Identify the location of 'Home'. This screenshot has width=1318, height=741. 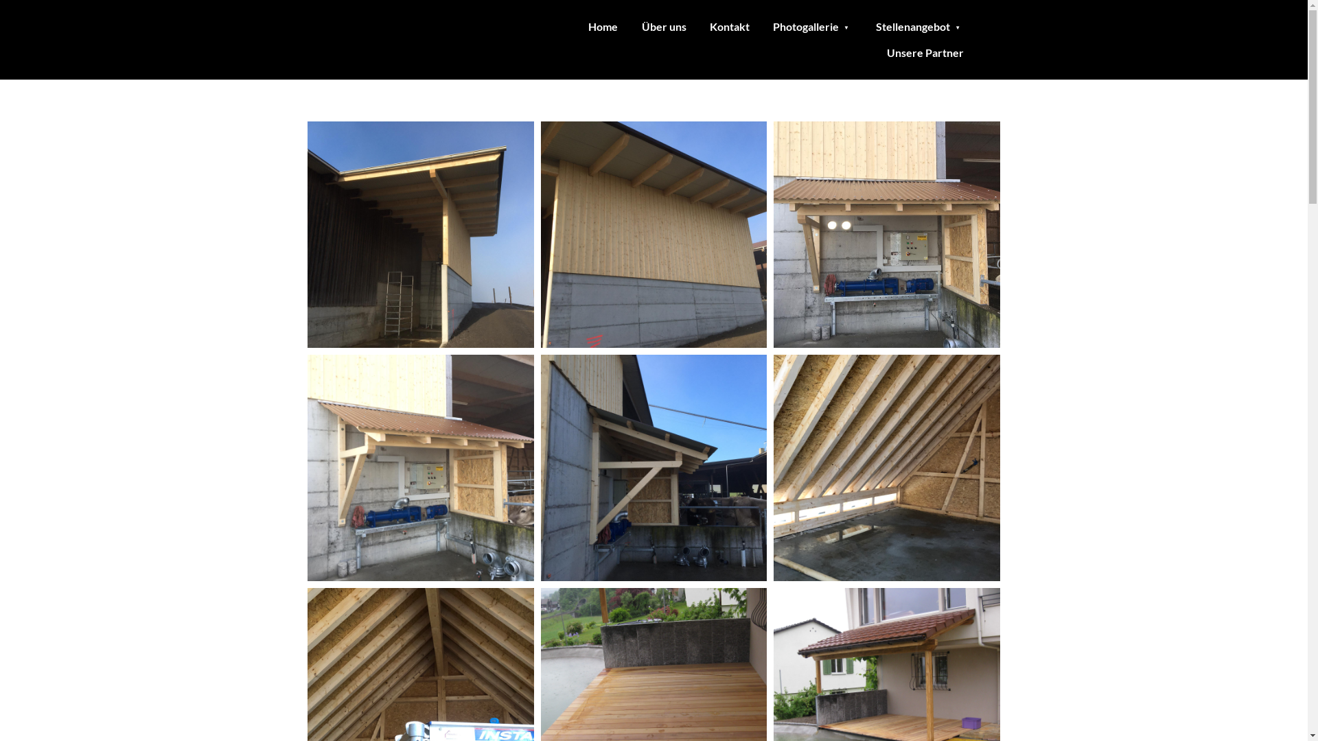
(577, 26).